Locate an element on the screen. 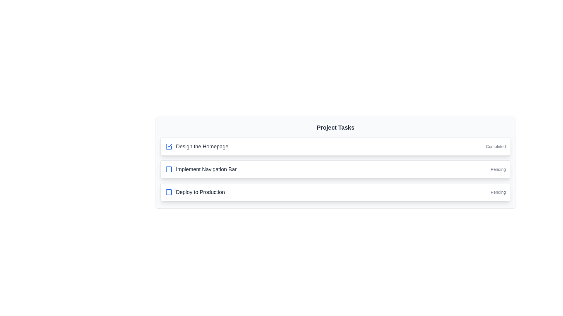 This screenshot has width=563, height=316. the text label displaying 'Completed', which is a smaller, light gray font indicating the task state for 'Design the Homepage' is located at coordinates (496, 146).